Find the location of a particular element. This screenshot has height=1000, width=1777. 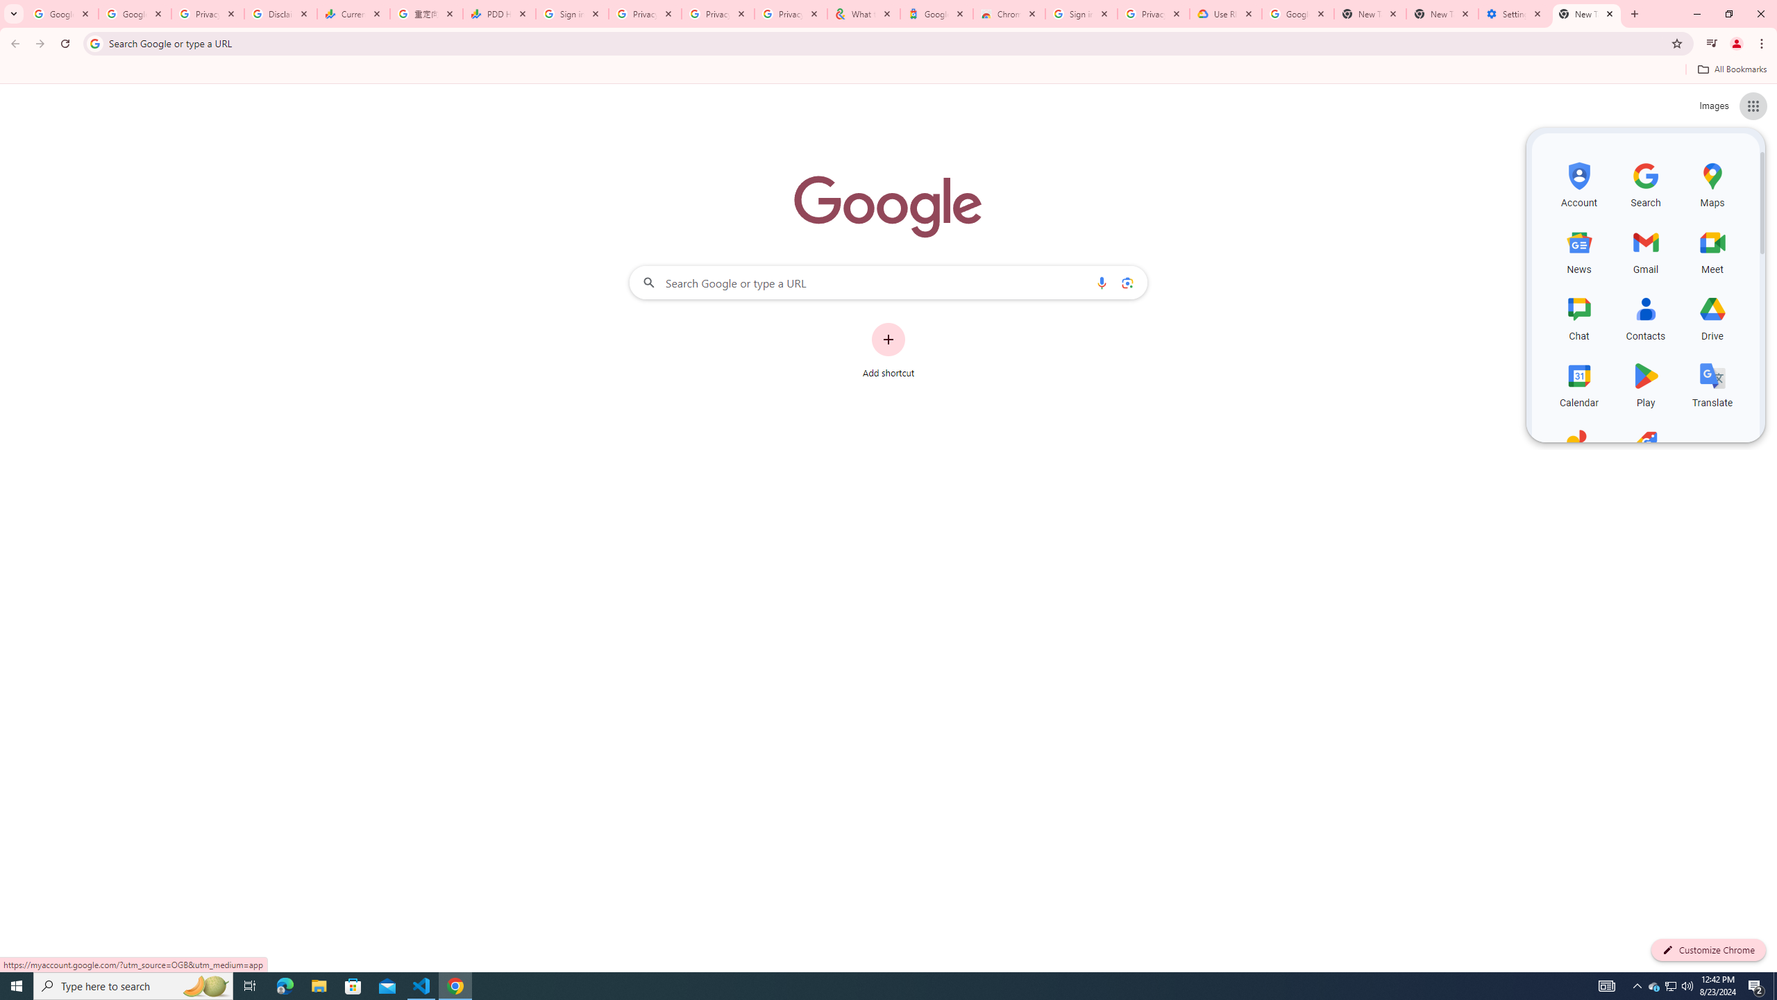

'Meet, row 2 of 5 and column 3 of 3 in the first section' is located at coordinates (1712, 250).